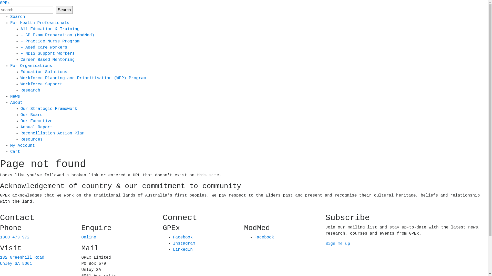  I want to click on 'Search', so click(17, 16).